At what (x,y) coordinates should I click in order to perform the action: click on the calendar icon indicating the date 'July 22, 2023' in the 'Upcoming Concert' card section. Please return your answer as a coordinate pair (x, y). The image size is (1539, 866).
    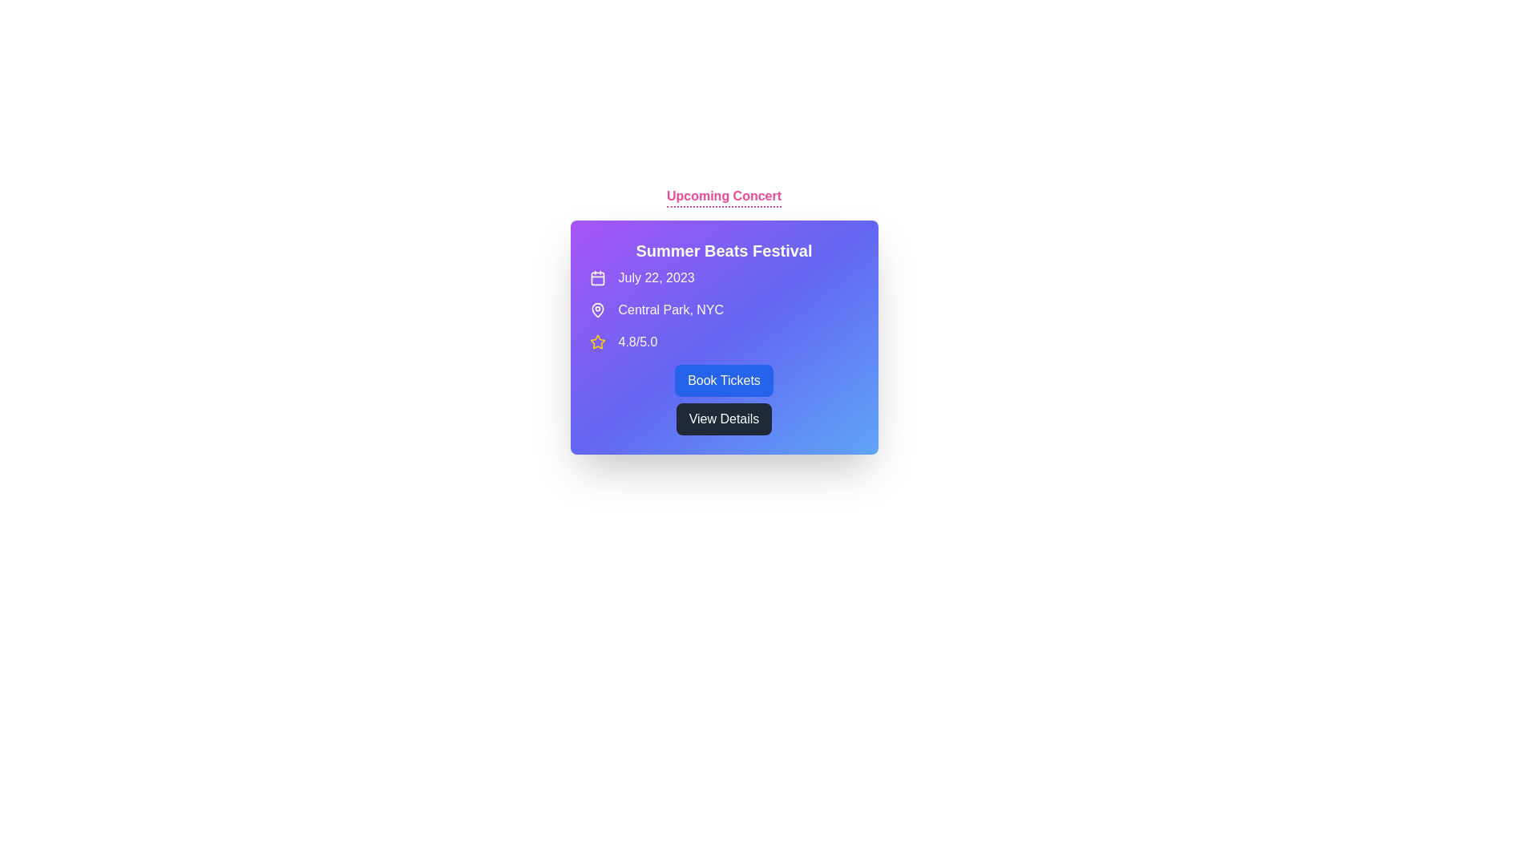
    Looking at the image, I should click on (596, 277).